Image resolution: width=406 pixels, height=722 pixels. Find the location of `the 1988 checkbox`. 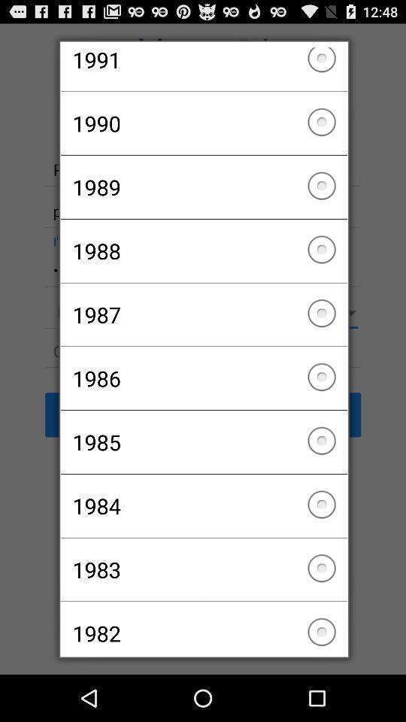

the 1988 checkbox is located at coordinates (203, 250).